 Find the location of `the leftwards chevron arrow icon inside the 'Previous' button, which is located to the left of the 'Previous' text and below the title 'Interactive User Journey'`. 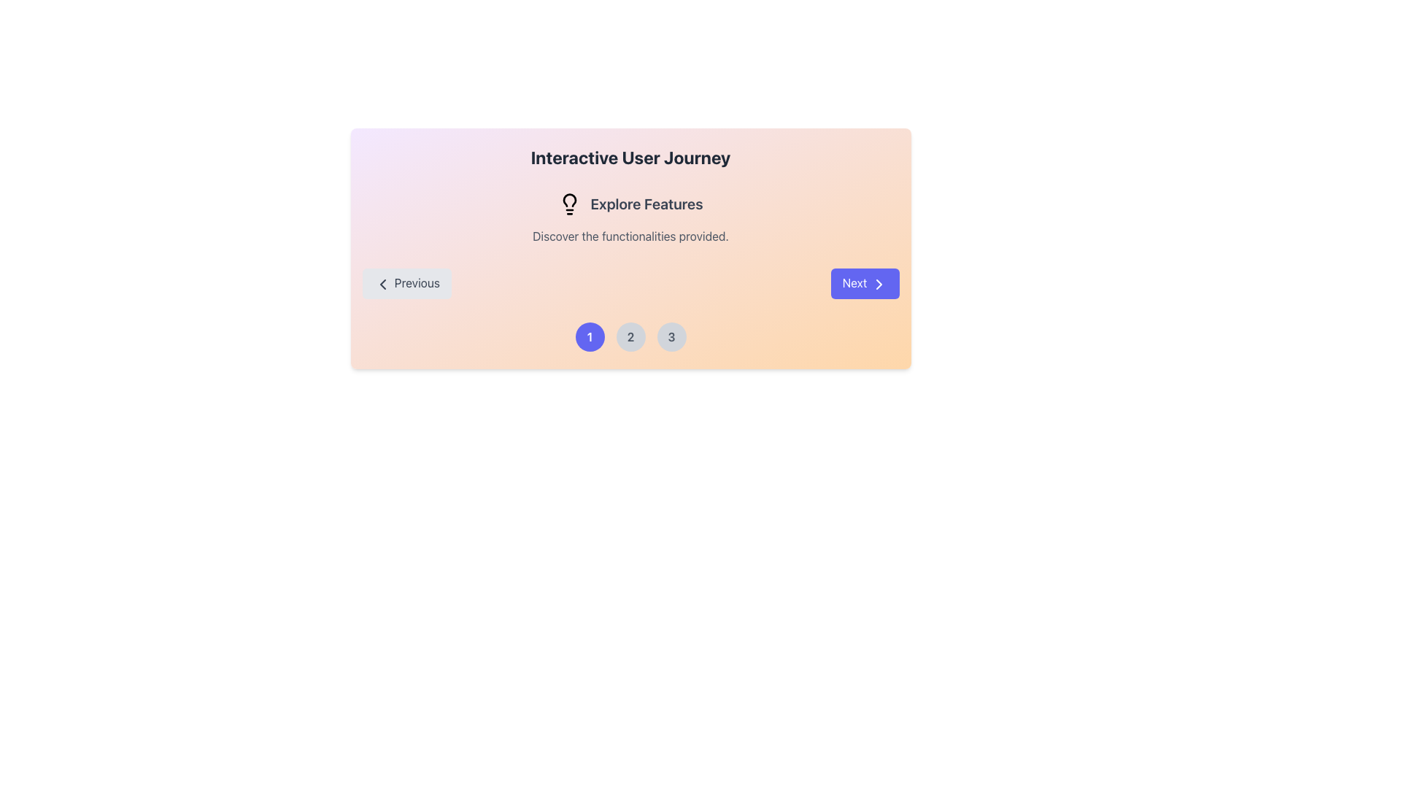

the leftwards chevron arrow icon inside the 'Previous' button, which is located to the left of the 'Previous' text and below the title 'Interactive User Journey' is located at coordinates (382, 284).